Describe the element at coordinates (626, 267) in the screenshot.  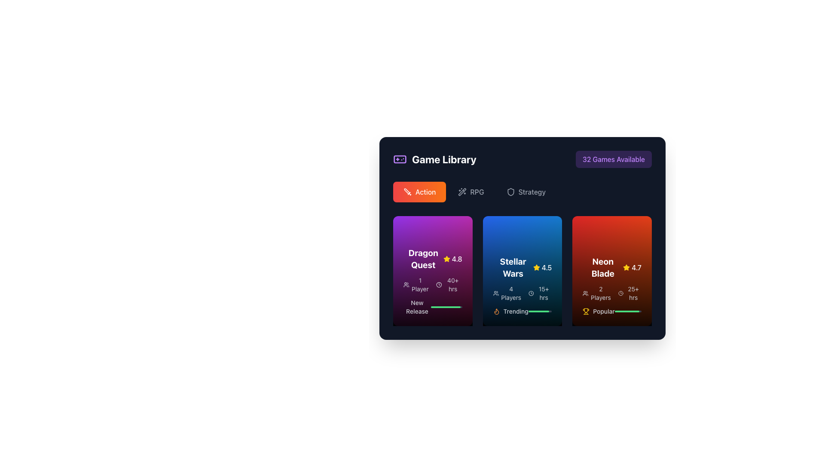
I see `the star-shaped icon with a yellow fill and border, located next to the text '4.7' in the rating segment of the 'Neon Blade' card within the 'Game Library' interface` at that location.